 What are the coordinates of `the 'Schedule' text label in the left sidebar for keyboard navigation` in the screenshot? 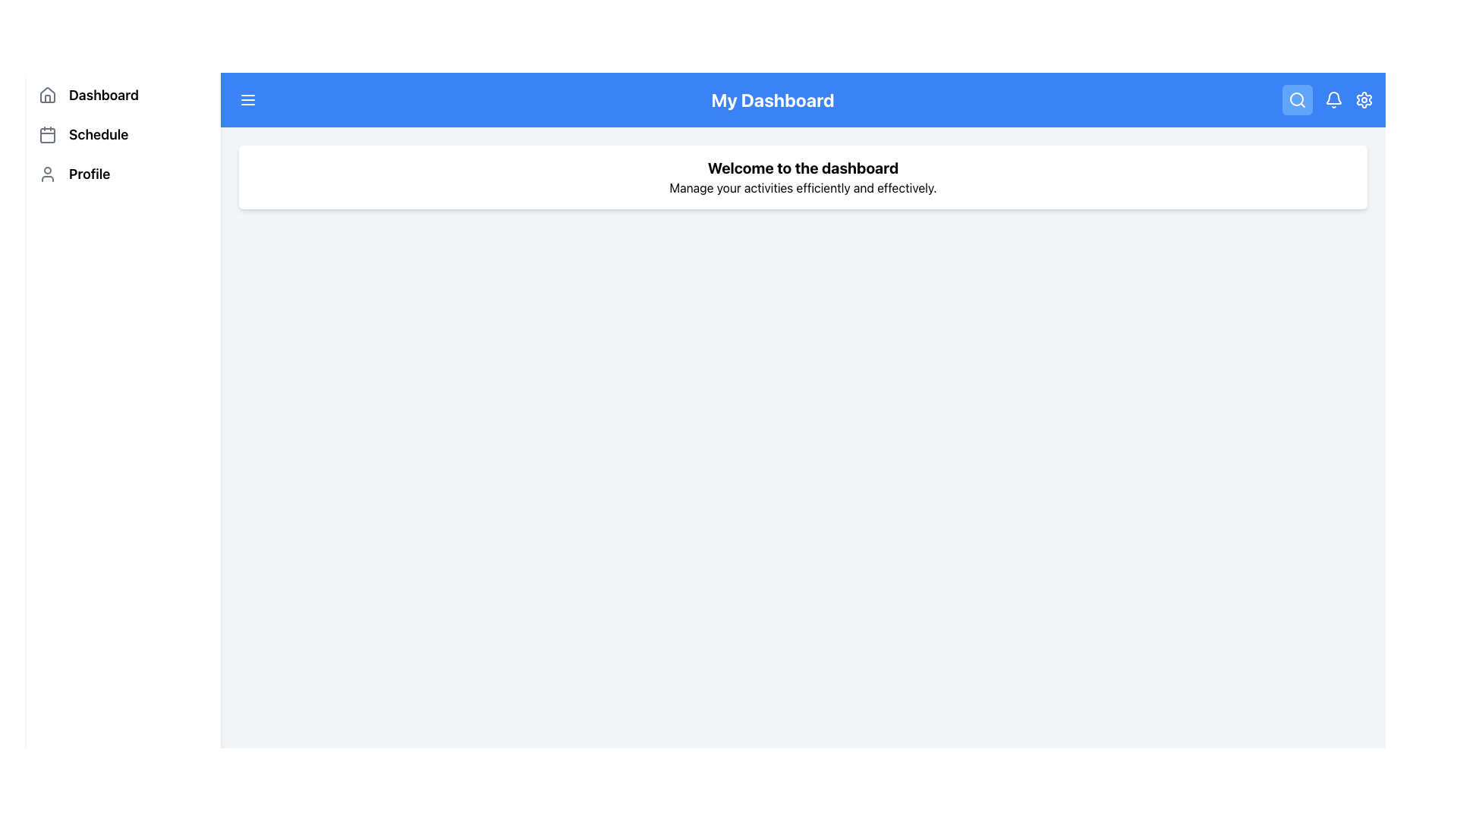 It's located at (98, 133).